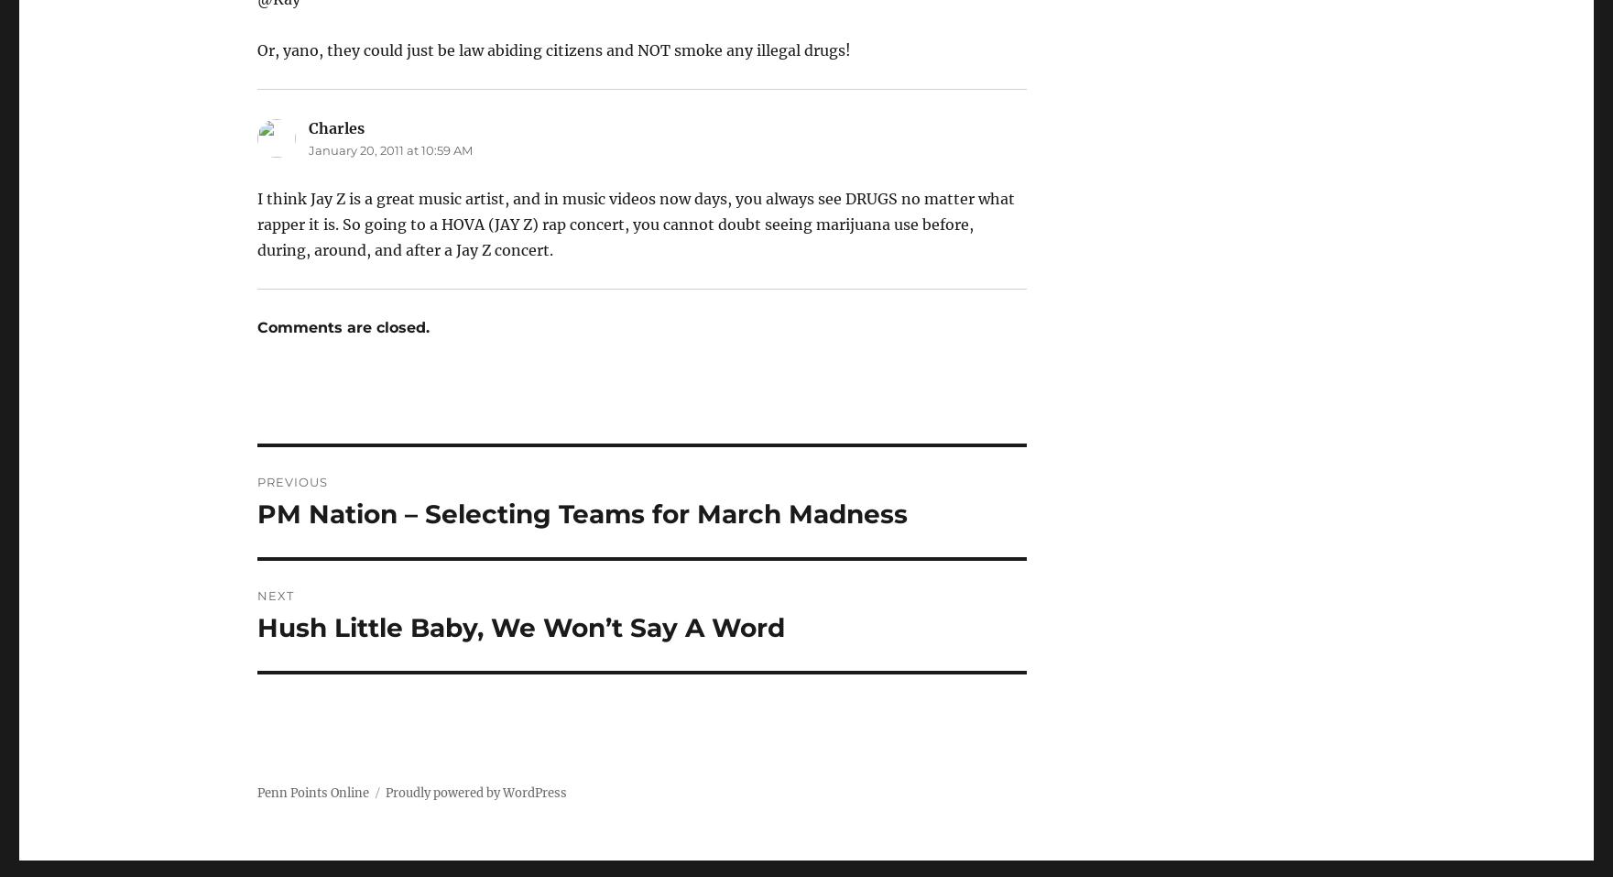  I want to click on 'Charles', so click(334, 128).